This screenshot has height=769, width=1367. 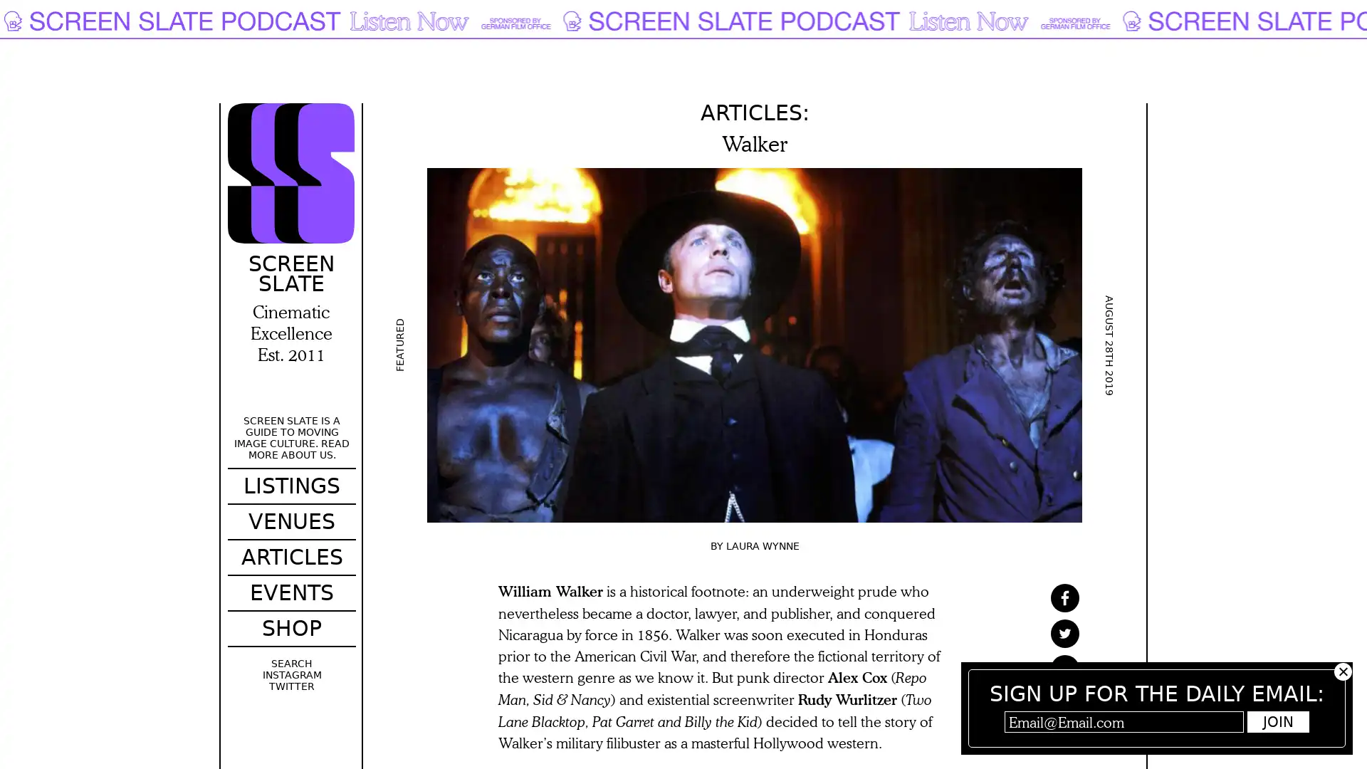 I want to click on Join, so click(x=1278, y=722).